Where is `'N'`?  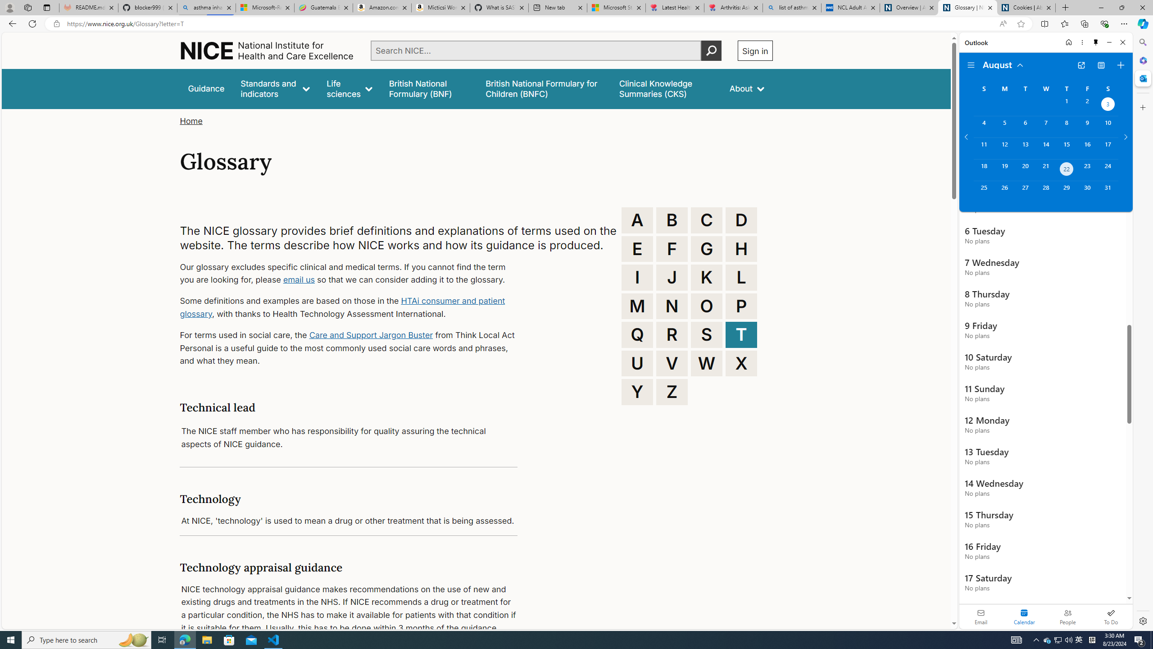
'N' is located at coordinates (672, 305).